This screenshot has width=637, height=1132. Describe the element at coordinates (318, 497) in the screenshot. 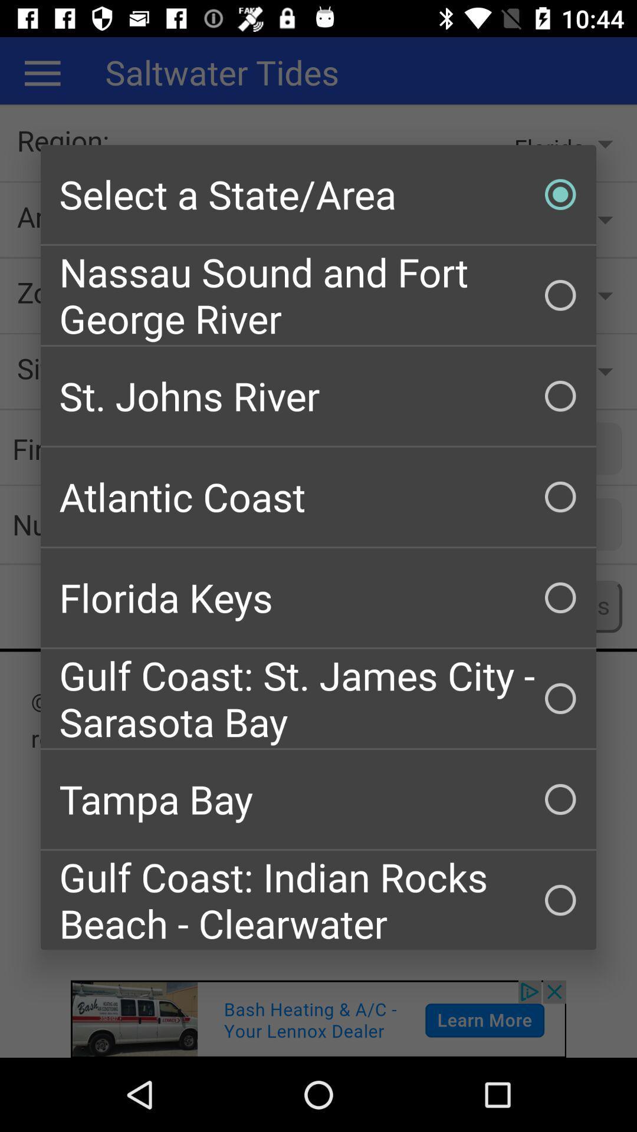

I see `icon above the florida keys icon` at that location.